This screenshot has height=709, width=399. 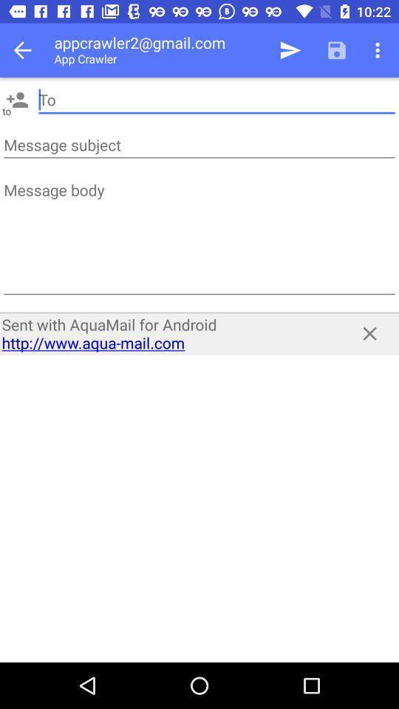 I want to click on icon on the right, so click(x=369, y=333).